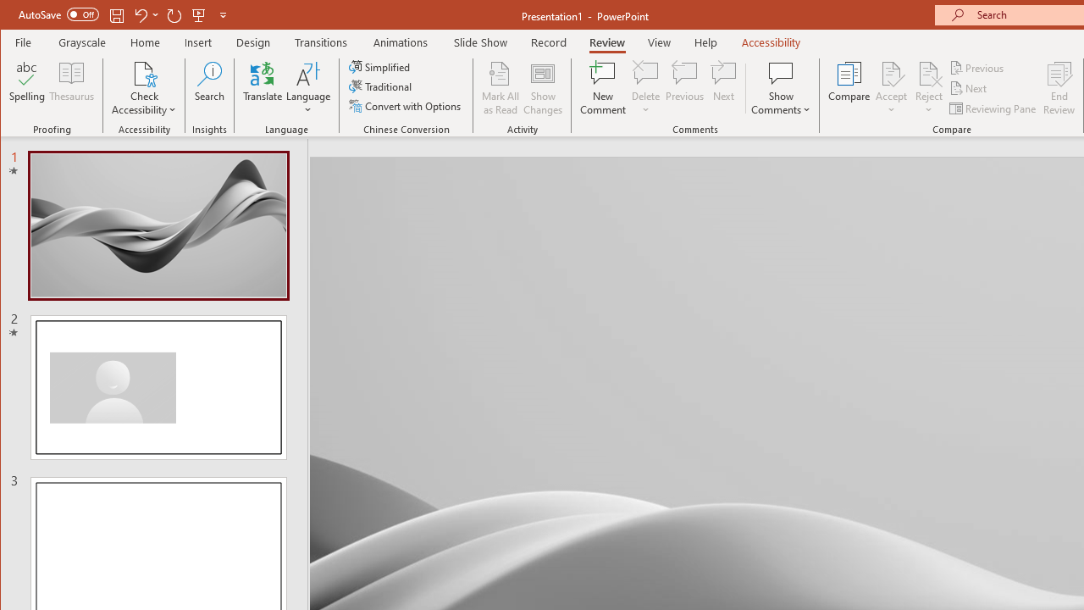 This screenshot has width=1084, height=610. I want to click on 'New Comment', so click(603, 88).